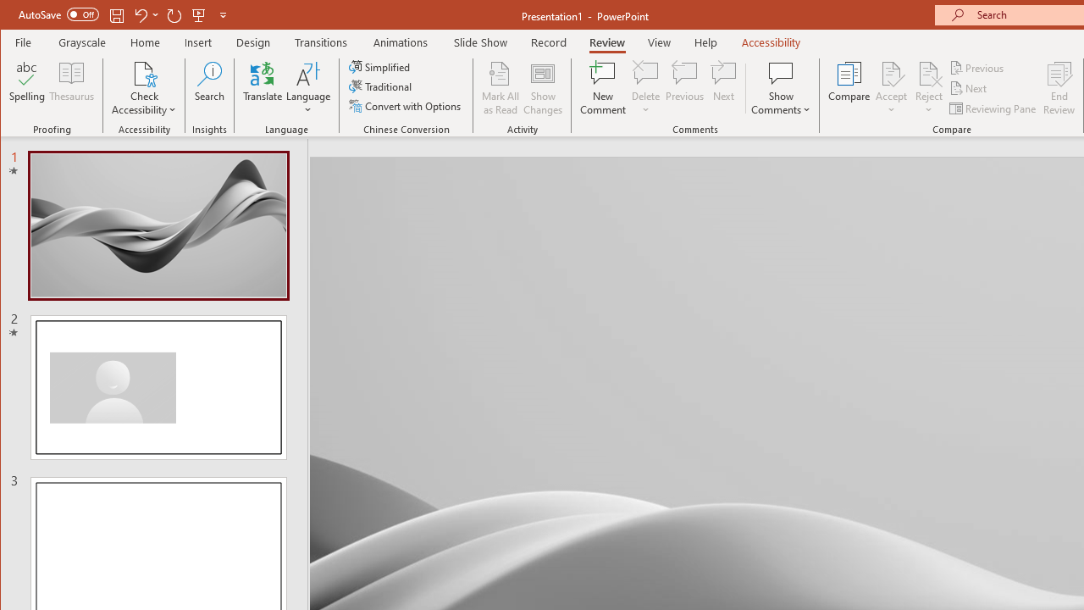 This screenshot has width=1084, height=610. I want to click on 'New Comment', so click(603, 88).